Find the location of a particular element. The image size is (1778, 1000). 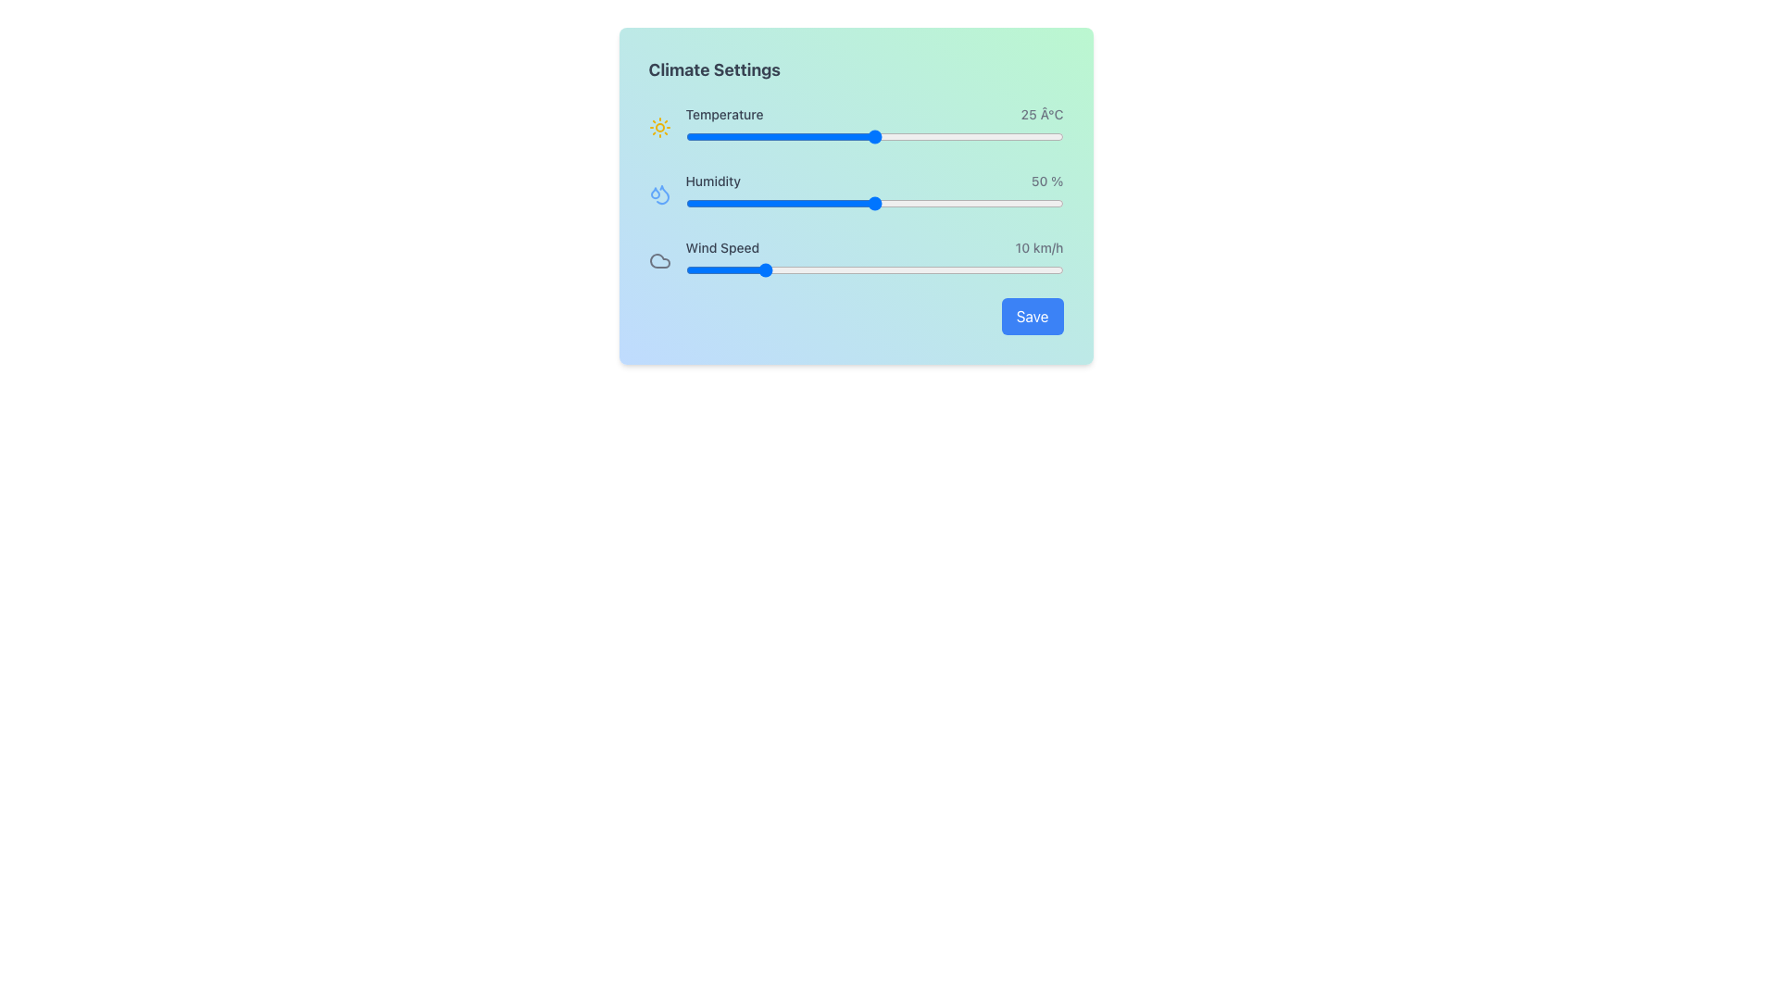

wind speed is located at coordinates (971, 270).